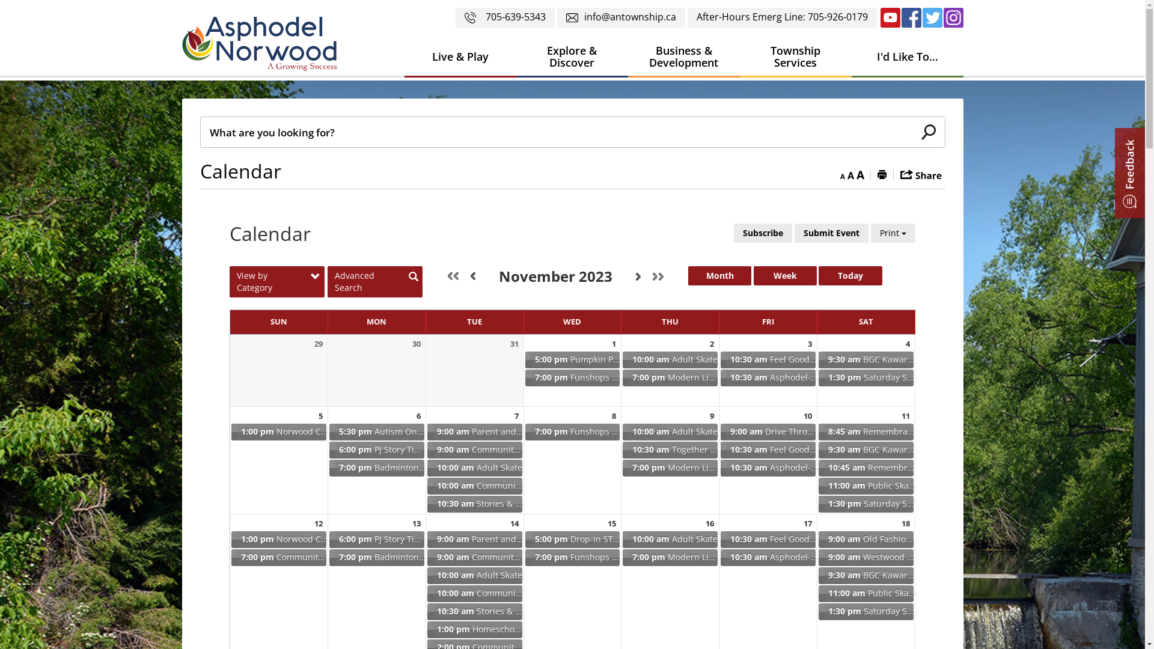 This screenshot has width=1154, height=649. Describe the element at coordinates (817, 574) in the screenshot. I see `'9:30 am BGC Kawarthas - Kid Tech Nation'` at that location.